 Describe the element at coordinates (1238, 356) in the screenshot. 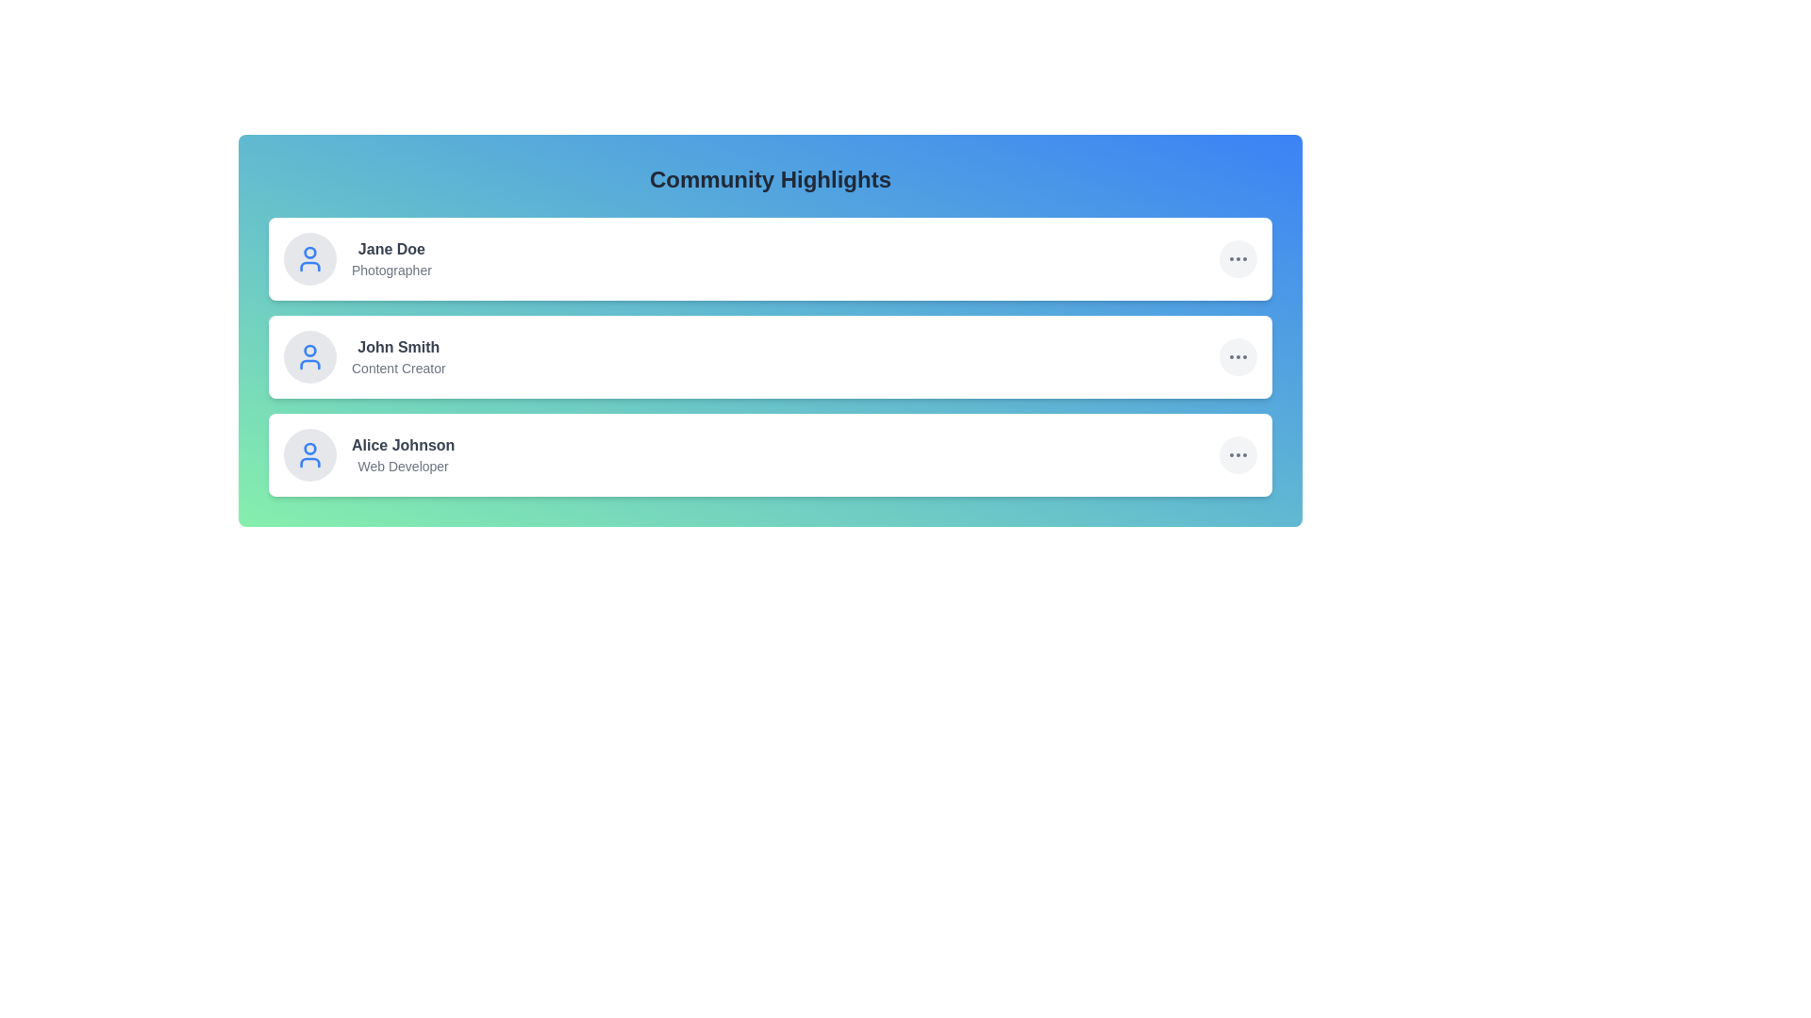

I see `the Ellipsis menu icon consisting of three horizontally aligned dots` at that location.